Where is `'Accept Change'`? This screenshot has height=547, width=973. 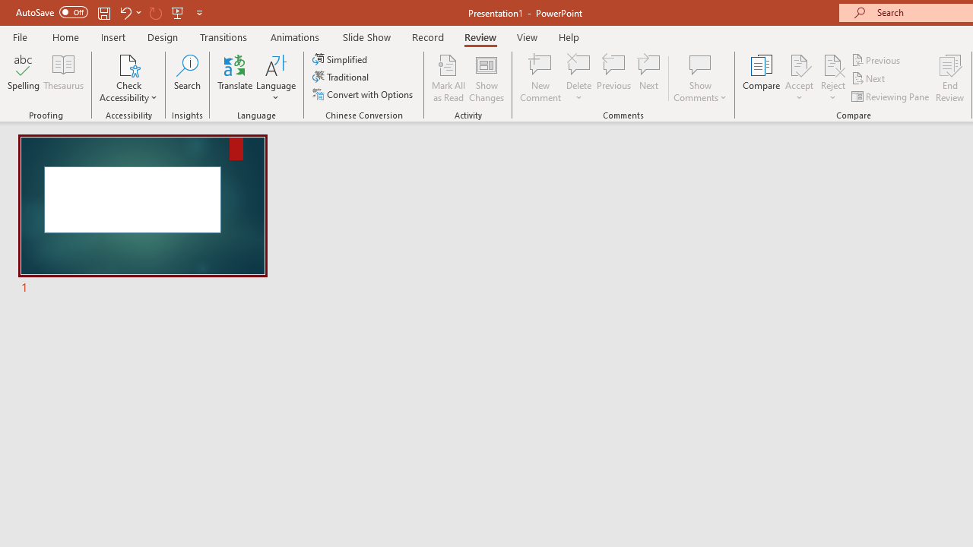 'Accept Change' is located at coordinates (798, 64).